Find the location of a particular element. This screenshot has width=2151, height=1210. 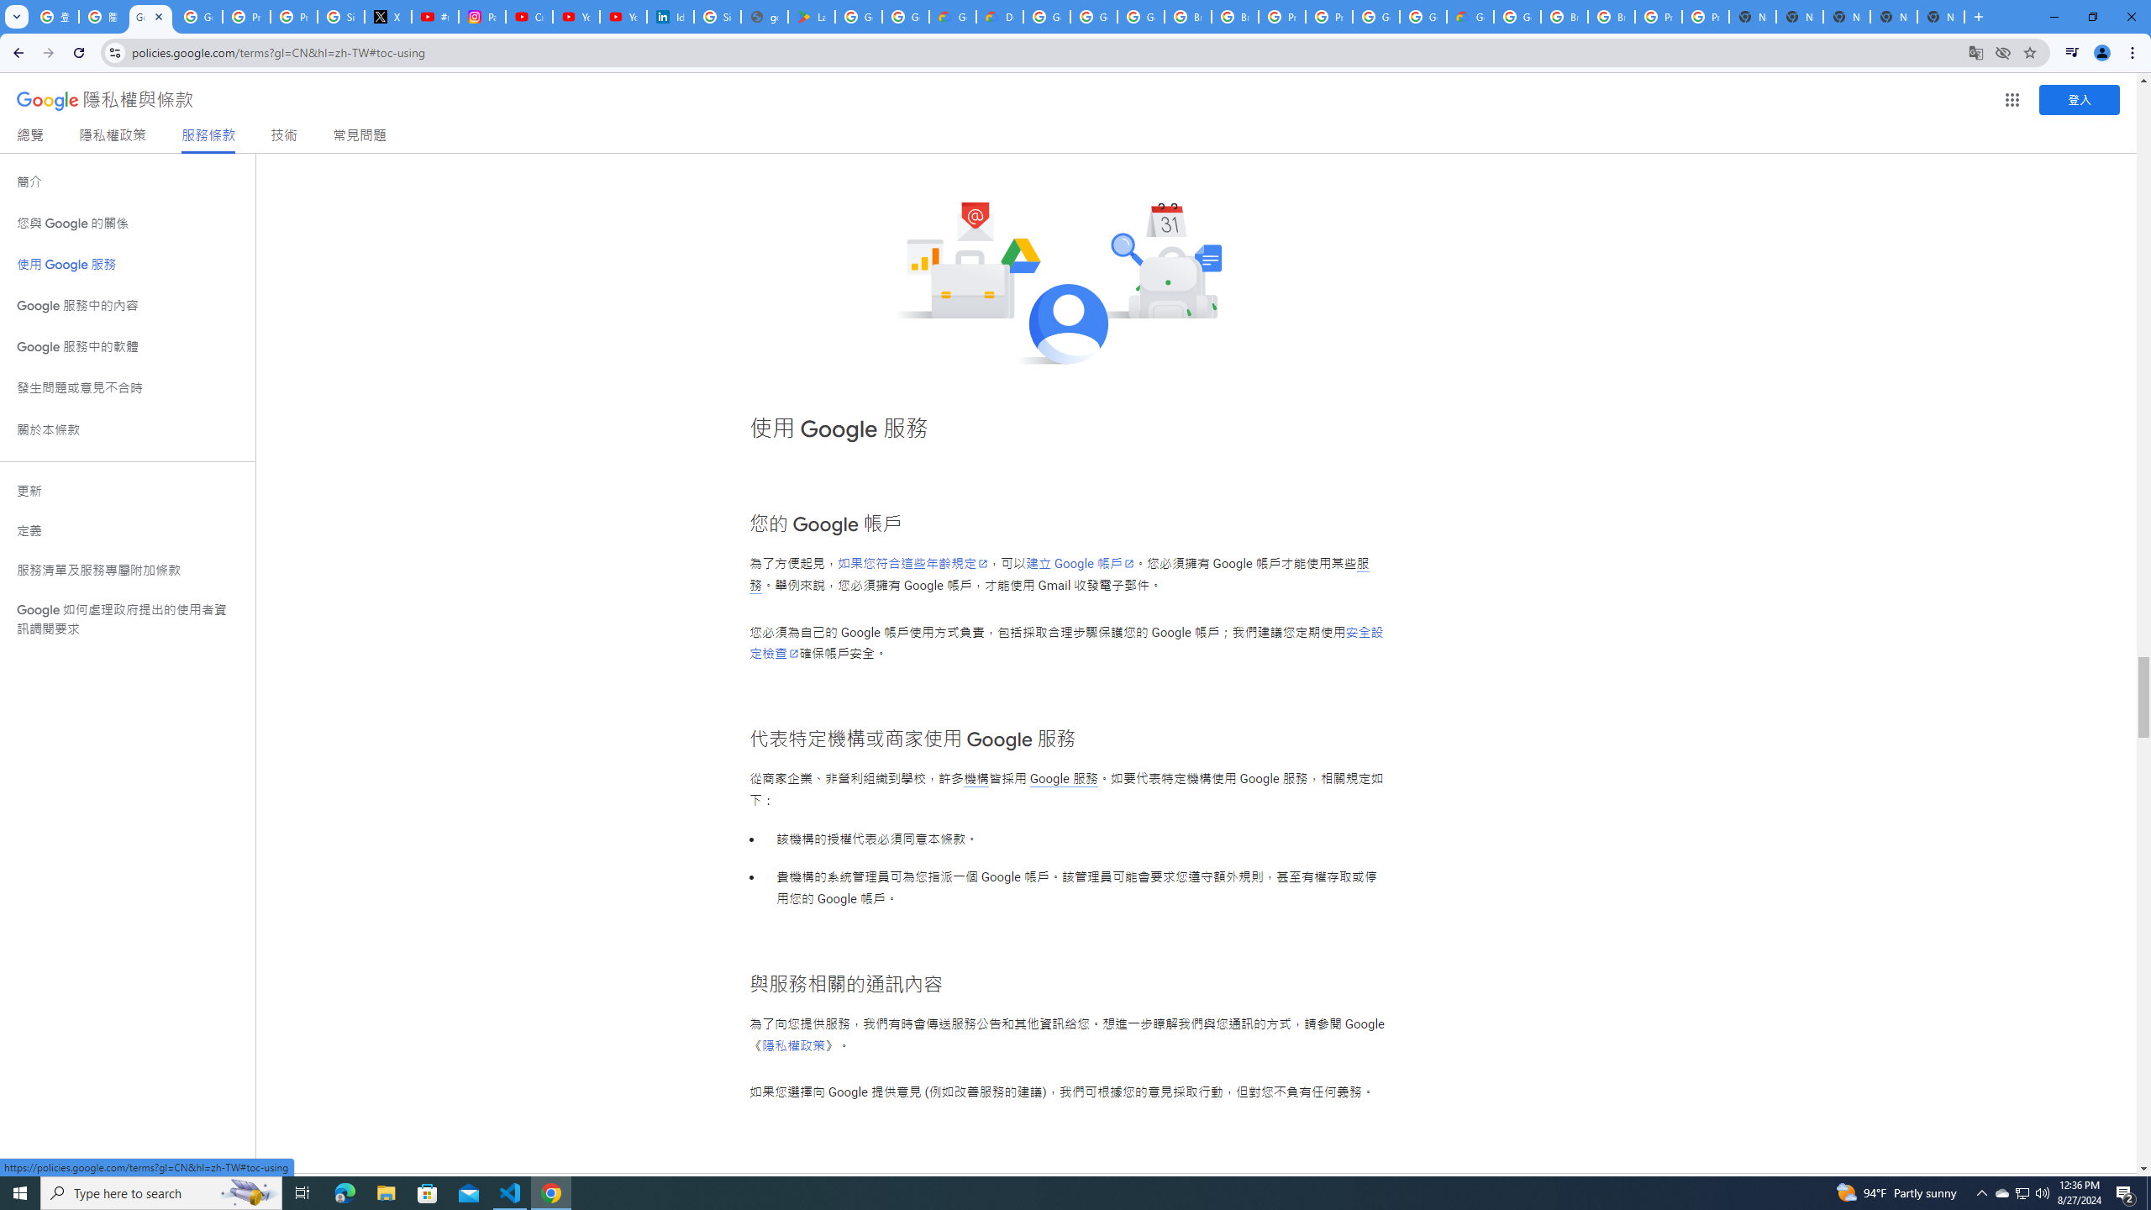

'#nbabasketballhighlights - YouTube' is located at coordinates (434, 16).